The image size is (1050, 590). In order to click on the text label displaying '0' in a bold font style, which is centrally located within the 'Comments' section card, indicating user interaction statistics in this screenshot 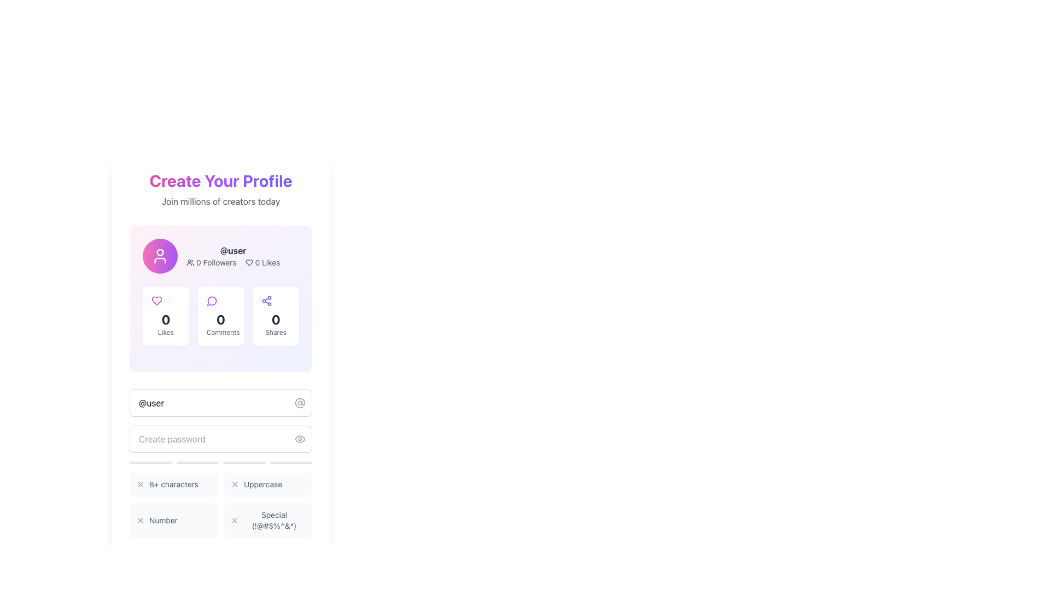, I will do `click(220, 320)`.